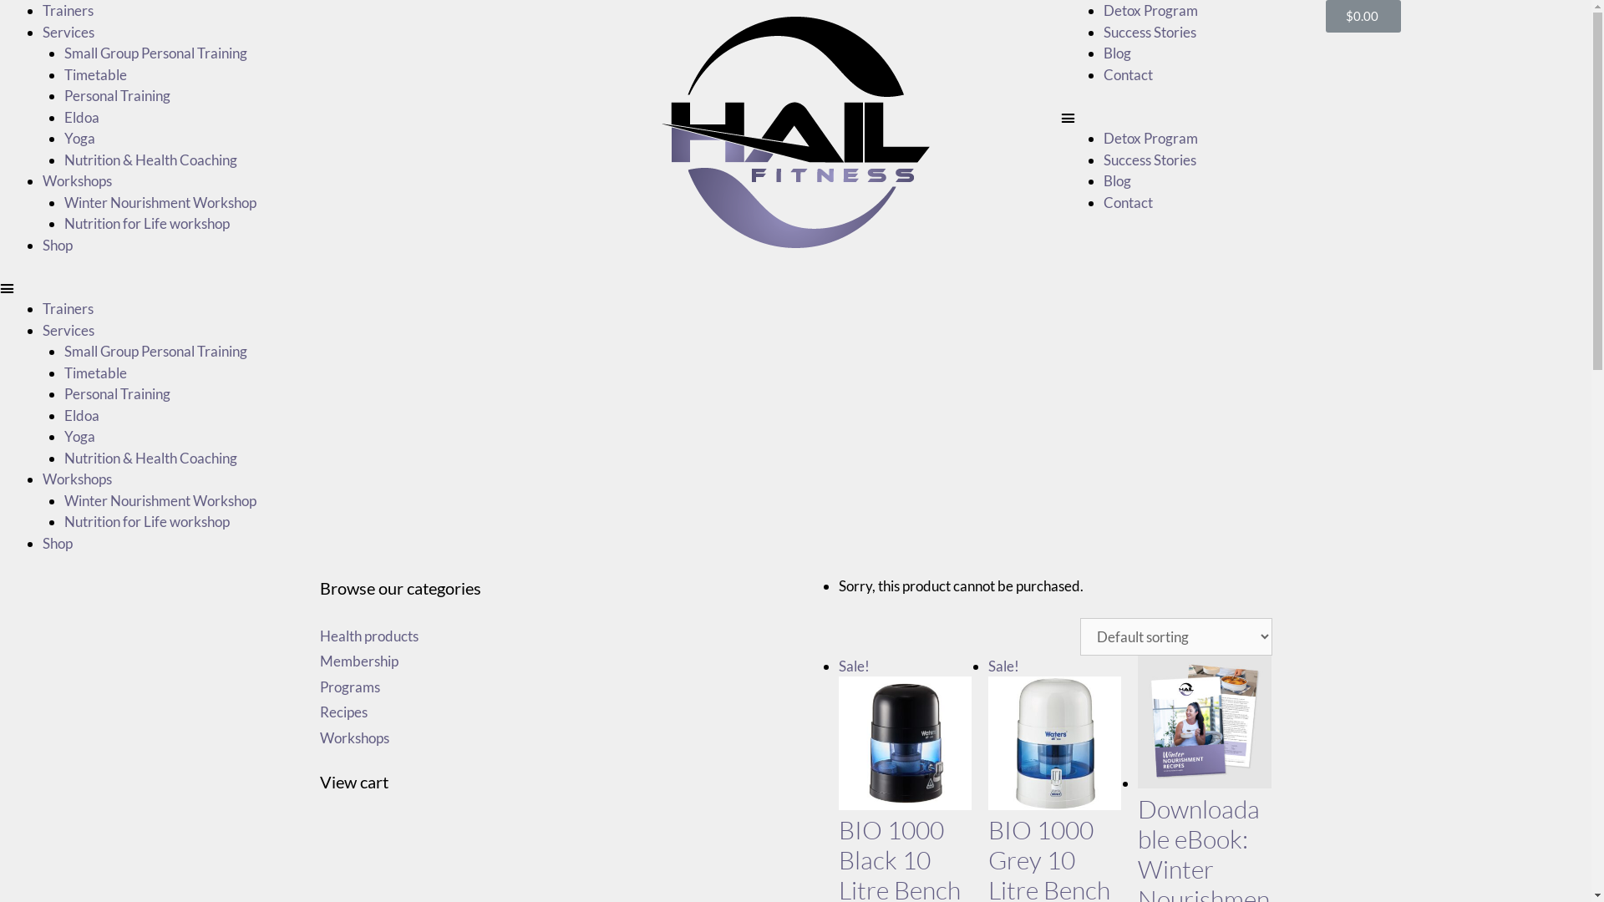 The image size is (1604, 902). I want to click on 'Trainers', so click(43, 10).